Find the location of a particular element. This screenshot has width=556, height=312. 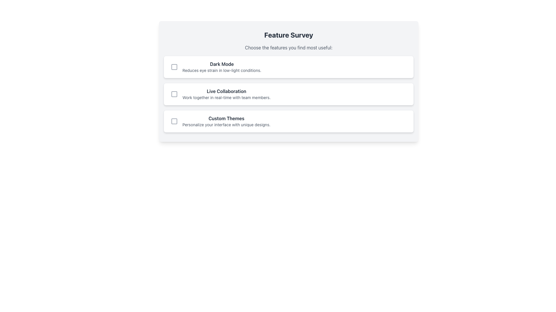

the Checkbox icon for the 'Live Collaboration' feature option is located at coordinates (174, 94).